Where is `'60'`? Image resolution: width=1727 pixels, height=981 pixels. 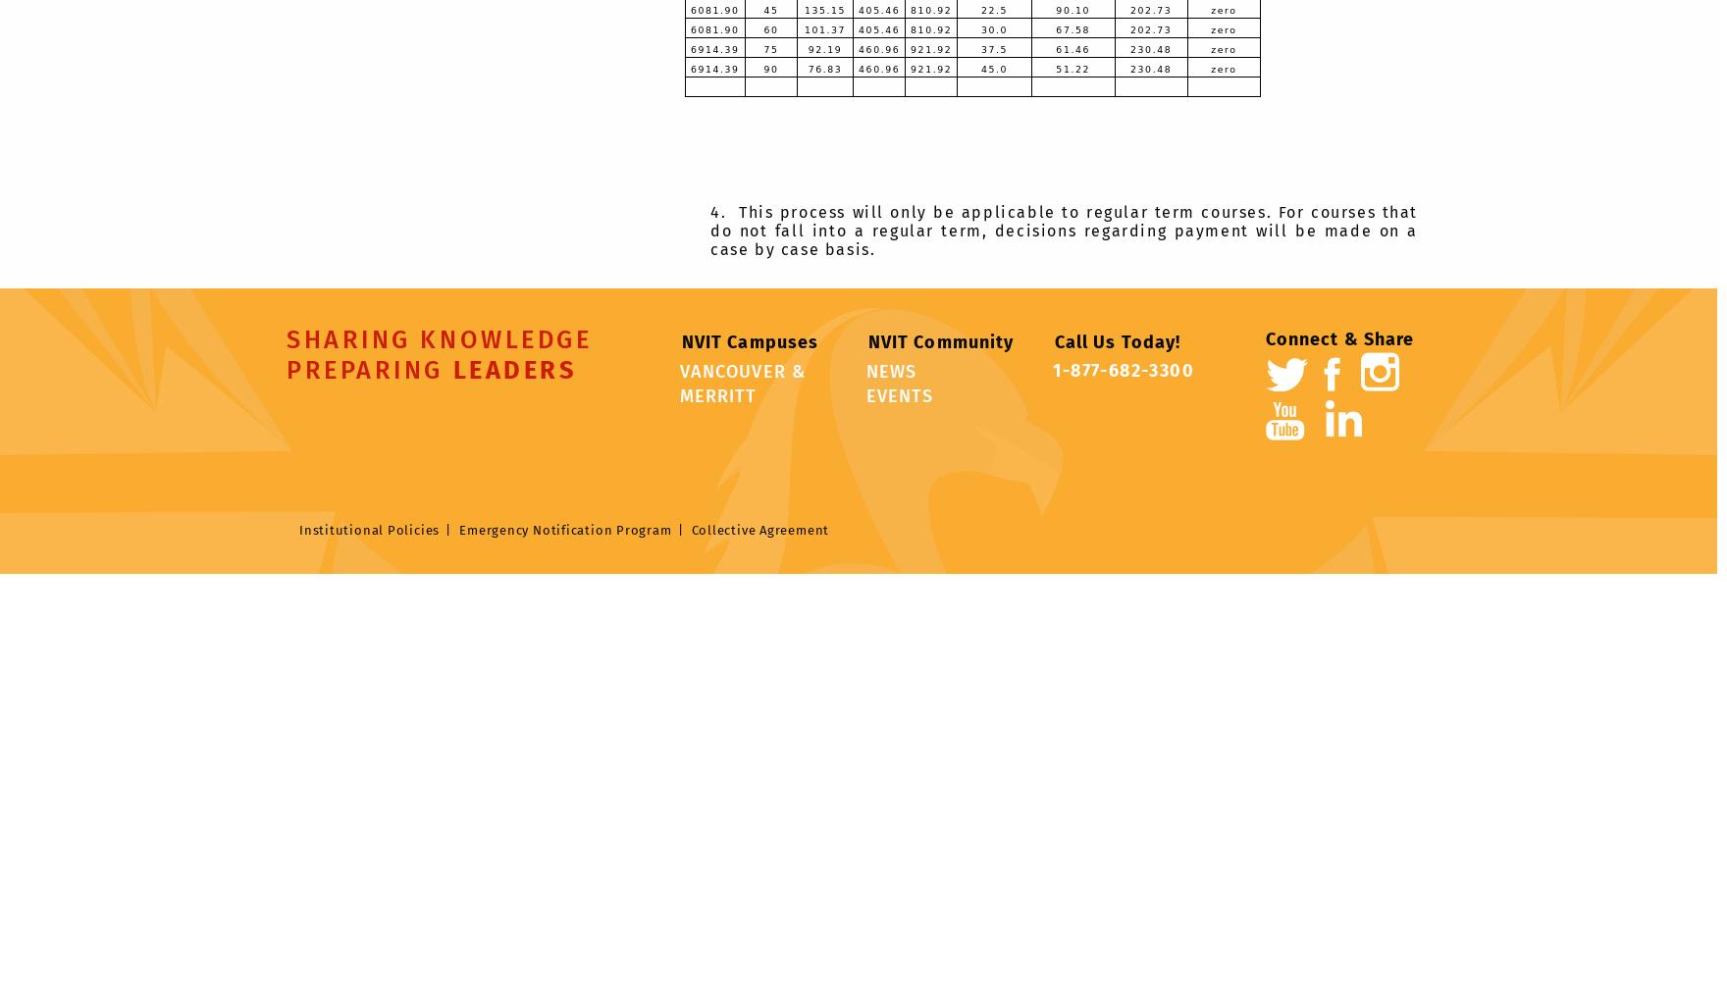 '60' is located at coordinates (769, 28).